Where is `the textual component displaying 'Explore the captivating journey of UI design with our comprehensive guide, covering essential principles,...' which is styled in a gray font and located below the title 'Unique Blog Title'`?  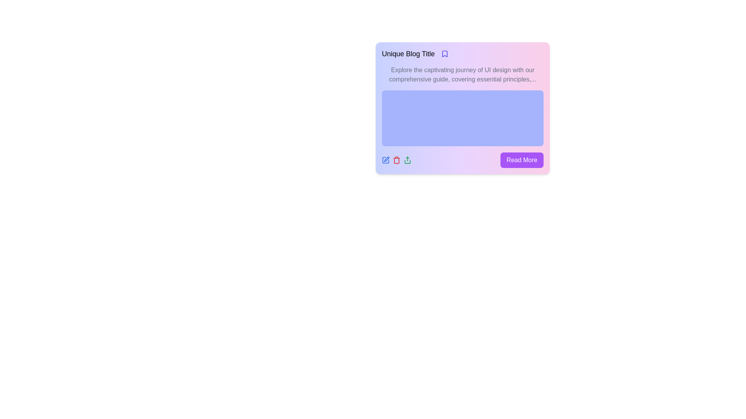 the textual component displaying 'Explore the captivating journey of UI design with our comprehensive guide, covering essential principles,...' which is styled in a gray font and located below the title 'Unique Blog Title' is located at coordinates (462, 74).